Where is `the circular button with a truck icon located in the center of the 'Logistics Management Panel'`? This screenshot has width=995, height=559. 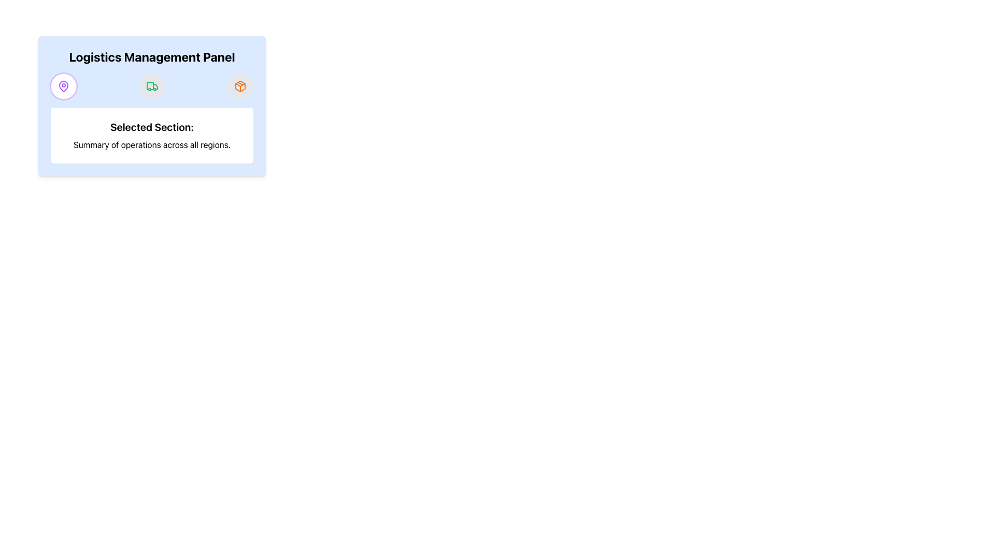
the circular button with a truck icon located in the center of the 'Logistics Management Panel' is located at coordinates (151, 85).